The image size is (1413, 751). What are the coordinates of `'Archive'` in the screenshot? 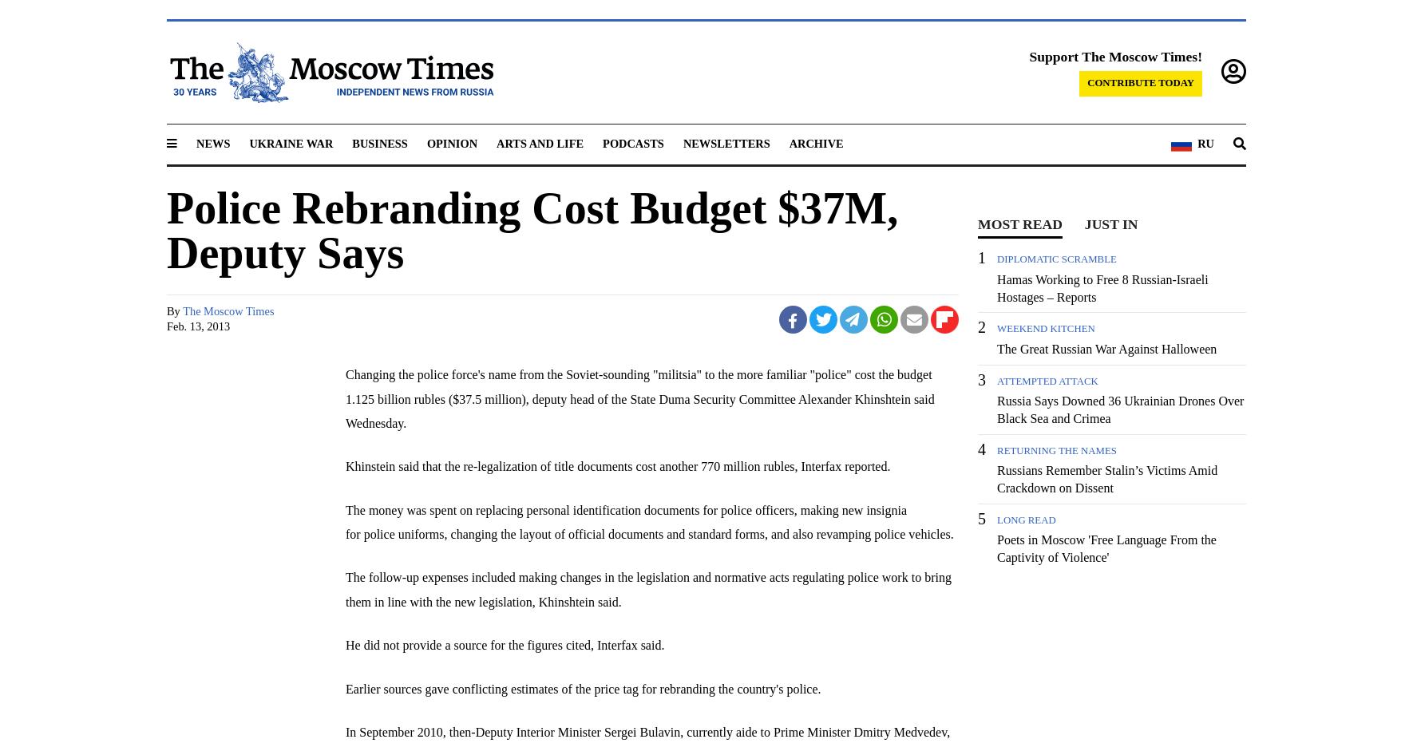 It's located at (814, 144).